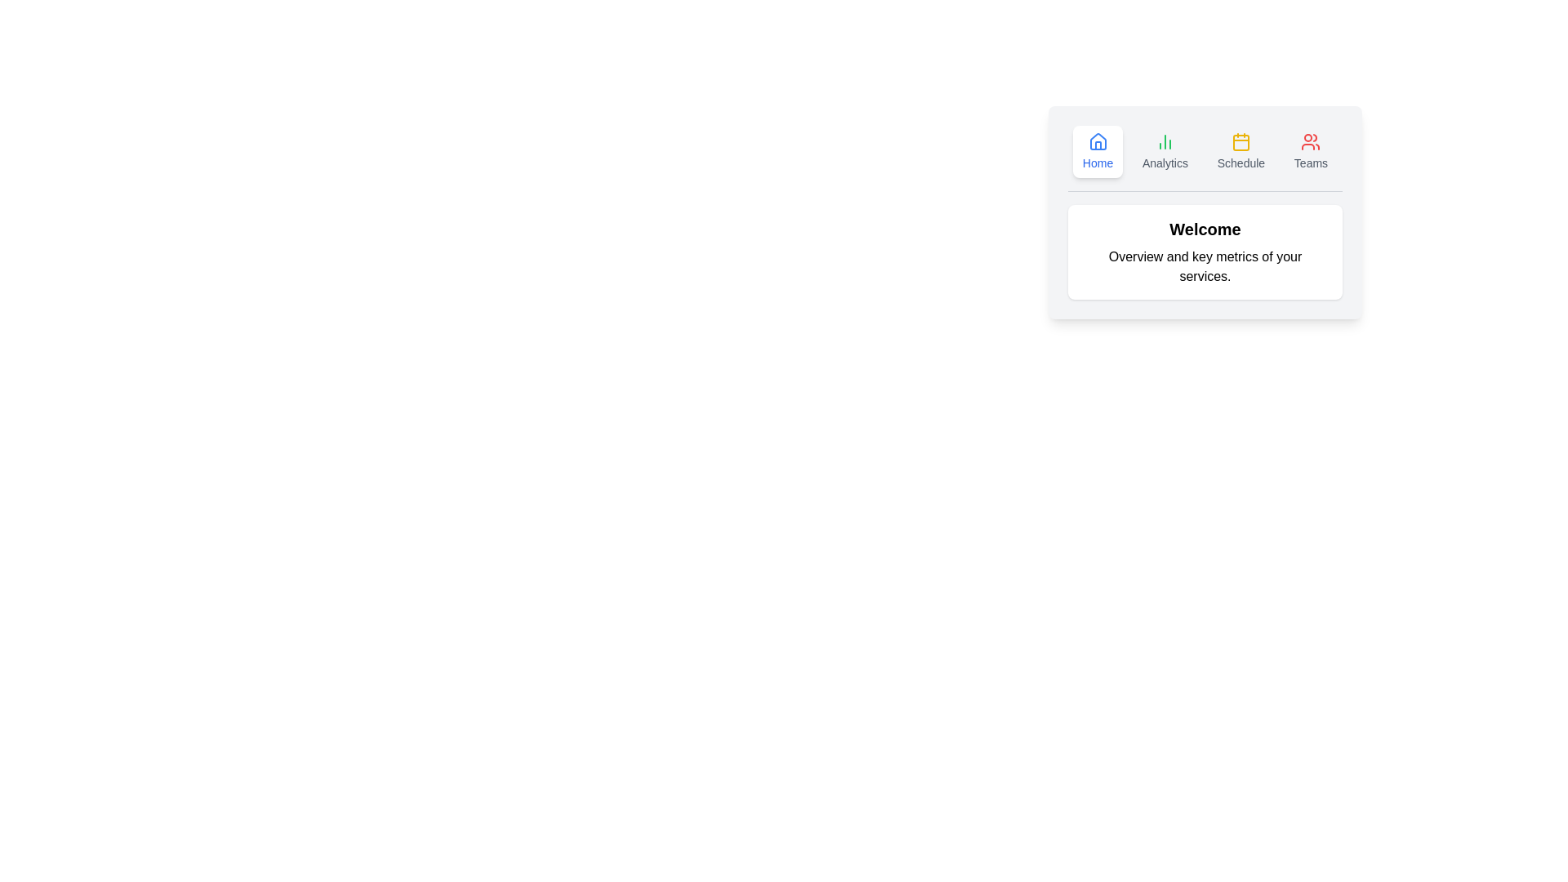 The image size is (1568, 882). What do you see at coordinates (1241, 151) in the screenshot?
I see `the 'Schedule' navigation button located in the top-level navigation bar, situated between 'Analytics' and 'Teams' to trigger additional styling effects` at bounding box center [1241, 151].